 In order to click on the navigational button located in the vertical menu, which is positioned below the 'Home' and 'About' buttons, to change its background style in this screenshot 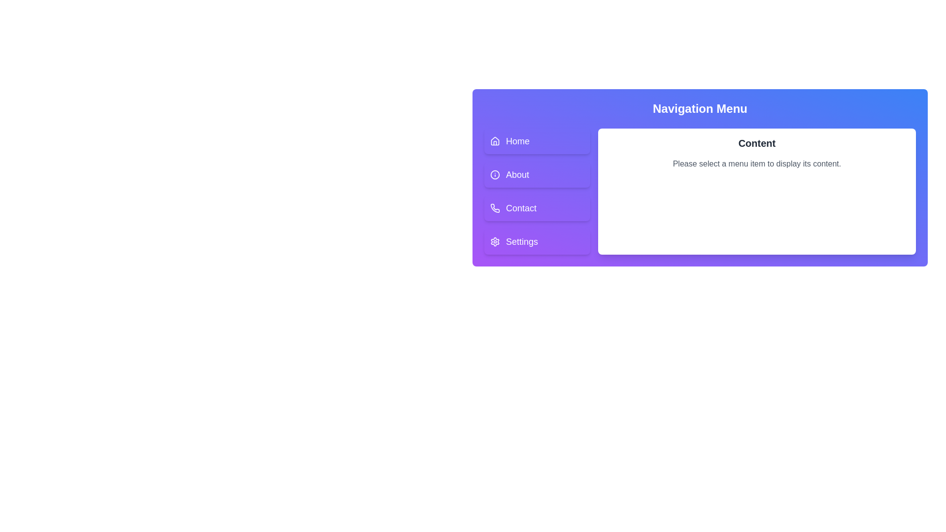, I will do `click(537, 208)`.